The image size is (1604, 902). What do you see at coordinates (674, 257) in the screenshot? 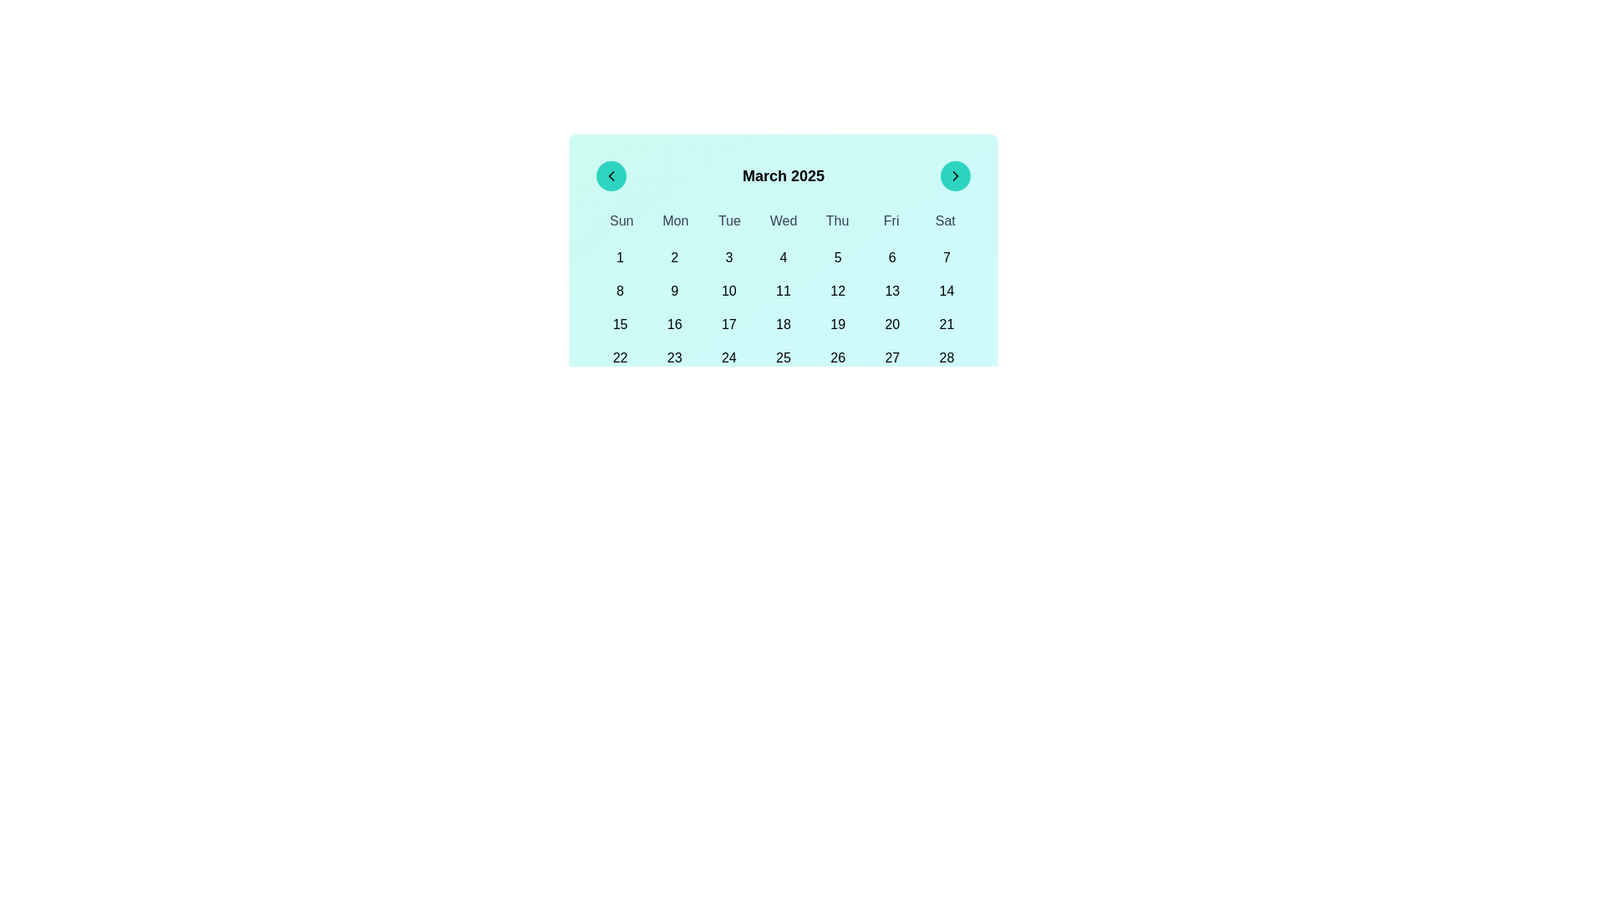
I see `keyboard navigation` at bounding box center [674, 257].